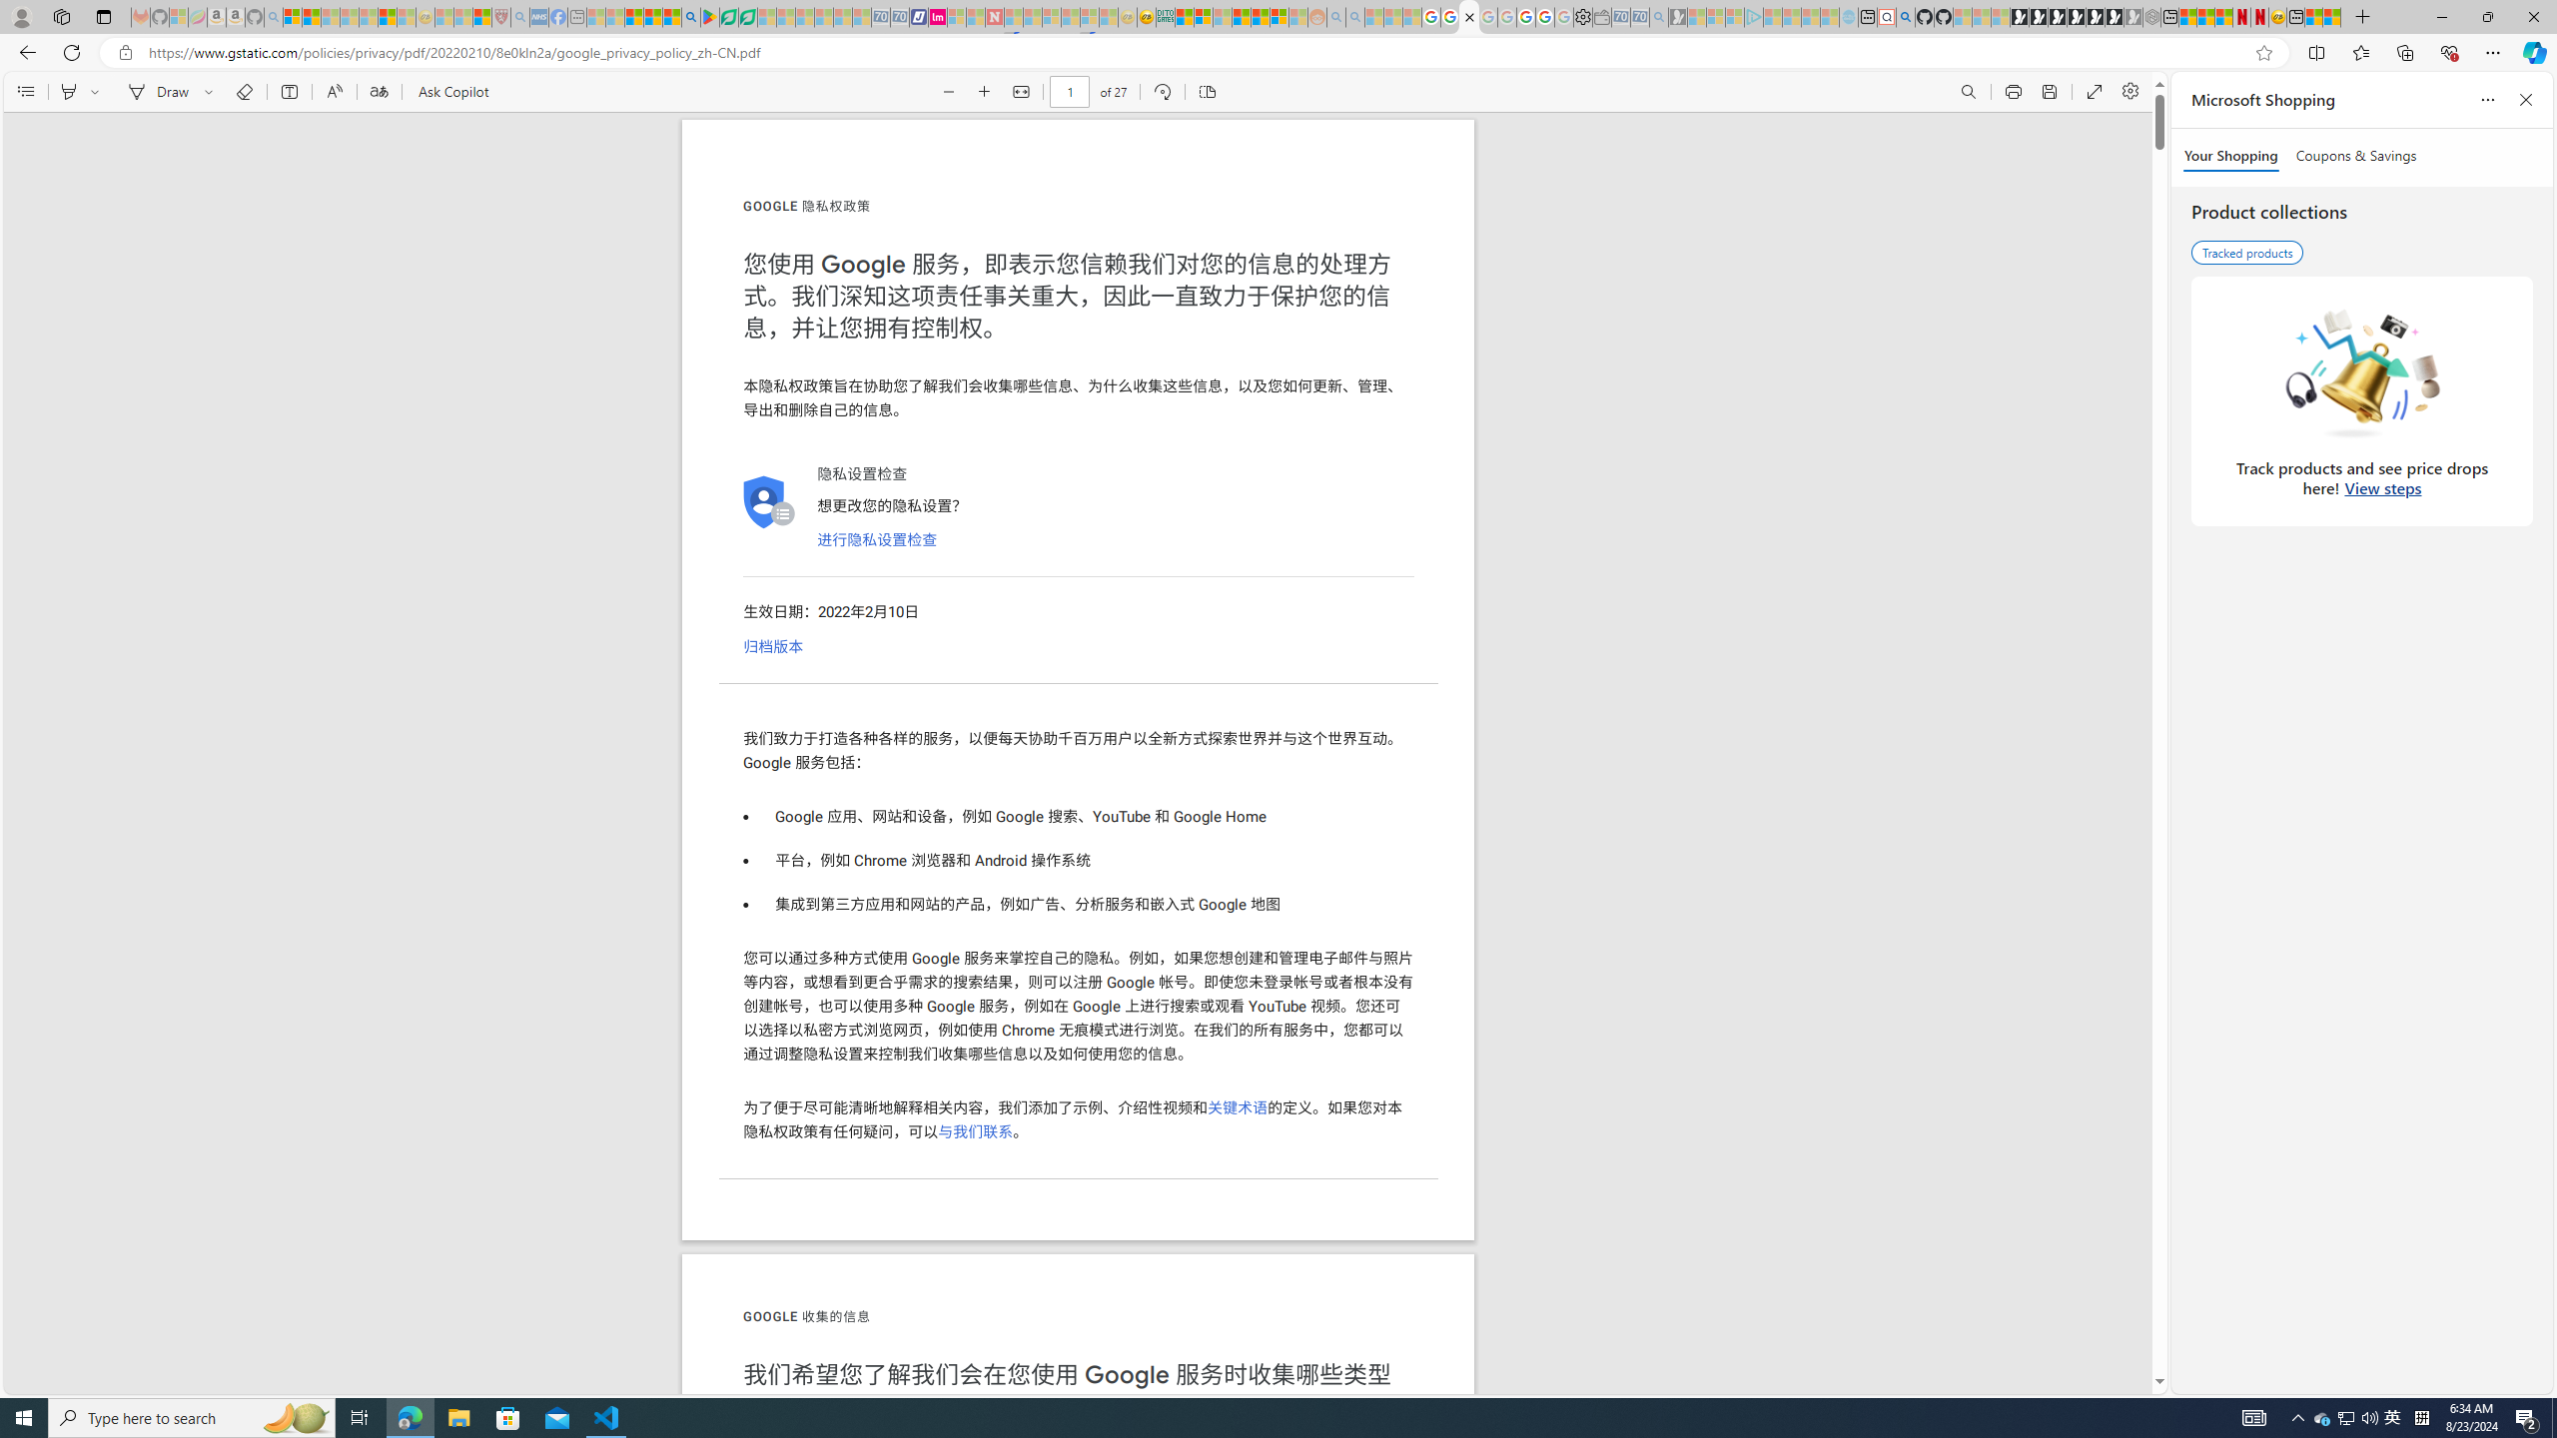 The width and height of the screenshot is (2557, 1438). What do you see at coordinates (1161, 91) in the screenshot?
I see `'Rotate (Ctrl+])'` at bounding box center [1161, 91].